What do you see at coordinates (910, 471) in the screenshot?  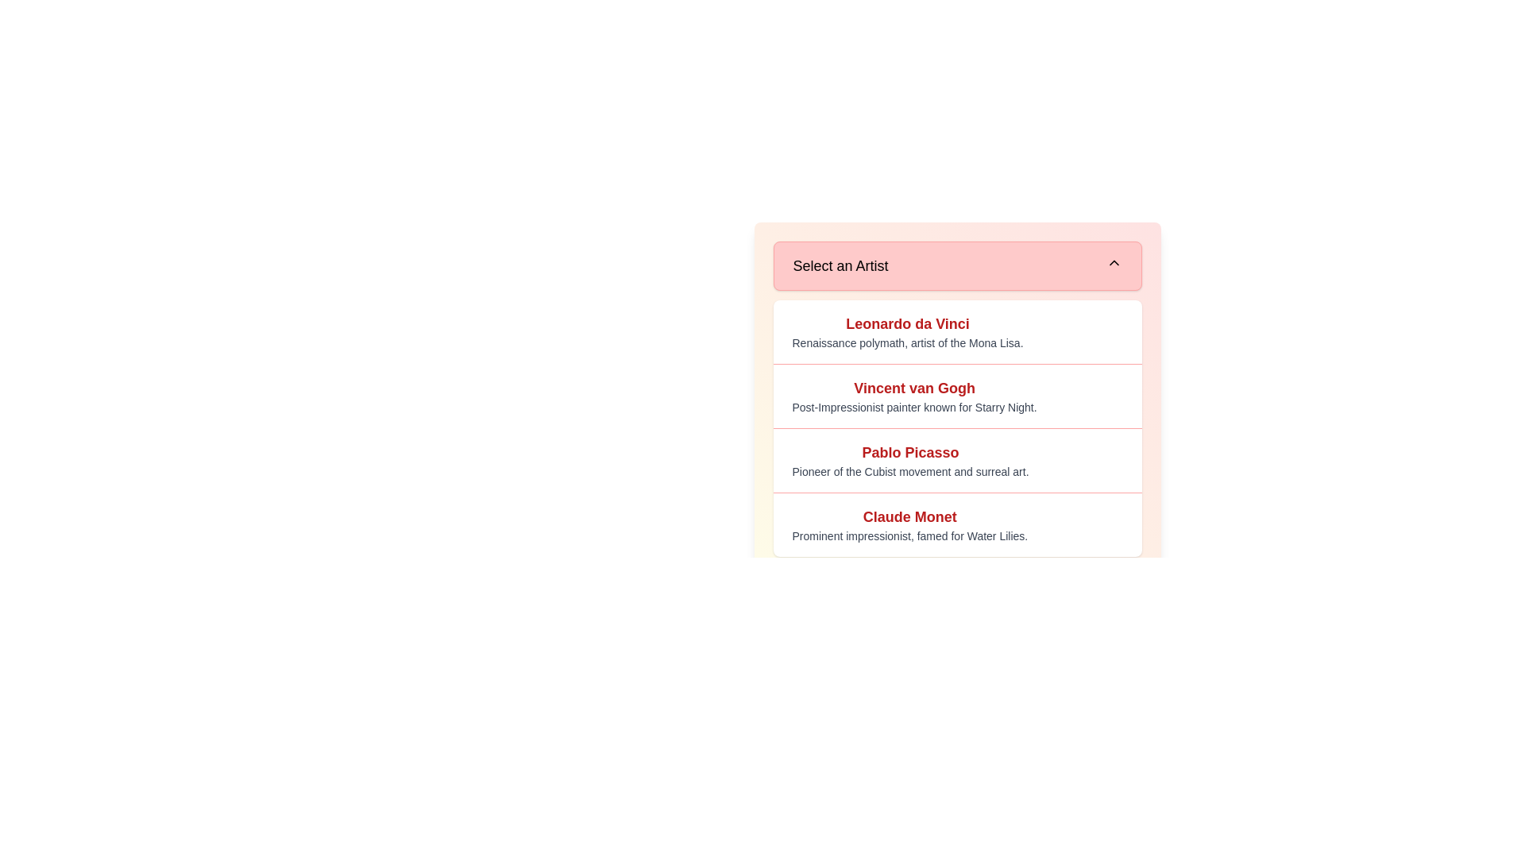 I see `the text fragment styled in a small gray font that reads 'Pioneer of the Cubist movement and surreal art.'` at bounding box center [910, 471].